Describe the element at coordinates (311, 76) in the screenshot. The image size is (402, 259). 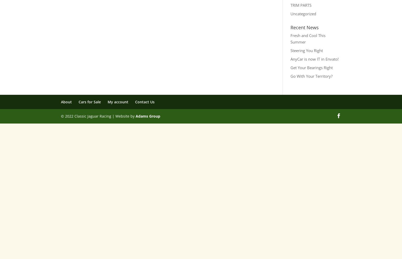
I see `'Go With Your Territory?'` at that location.